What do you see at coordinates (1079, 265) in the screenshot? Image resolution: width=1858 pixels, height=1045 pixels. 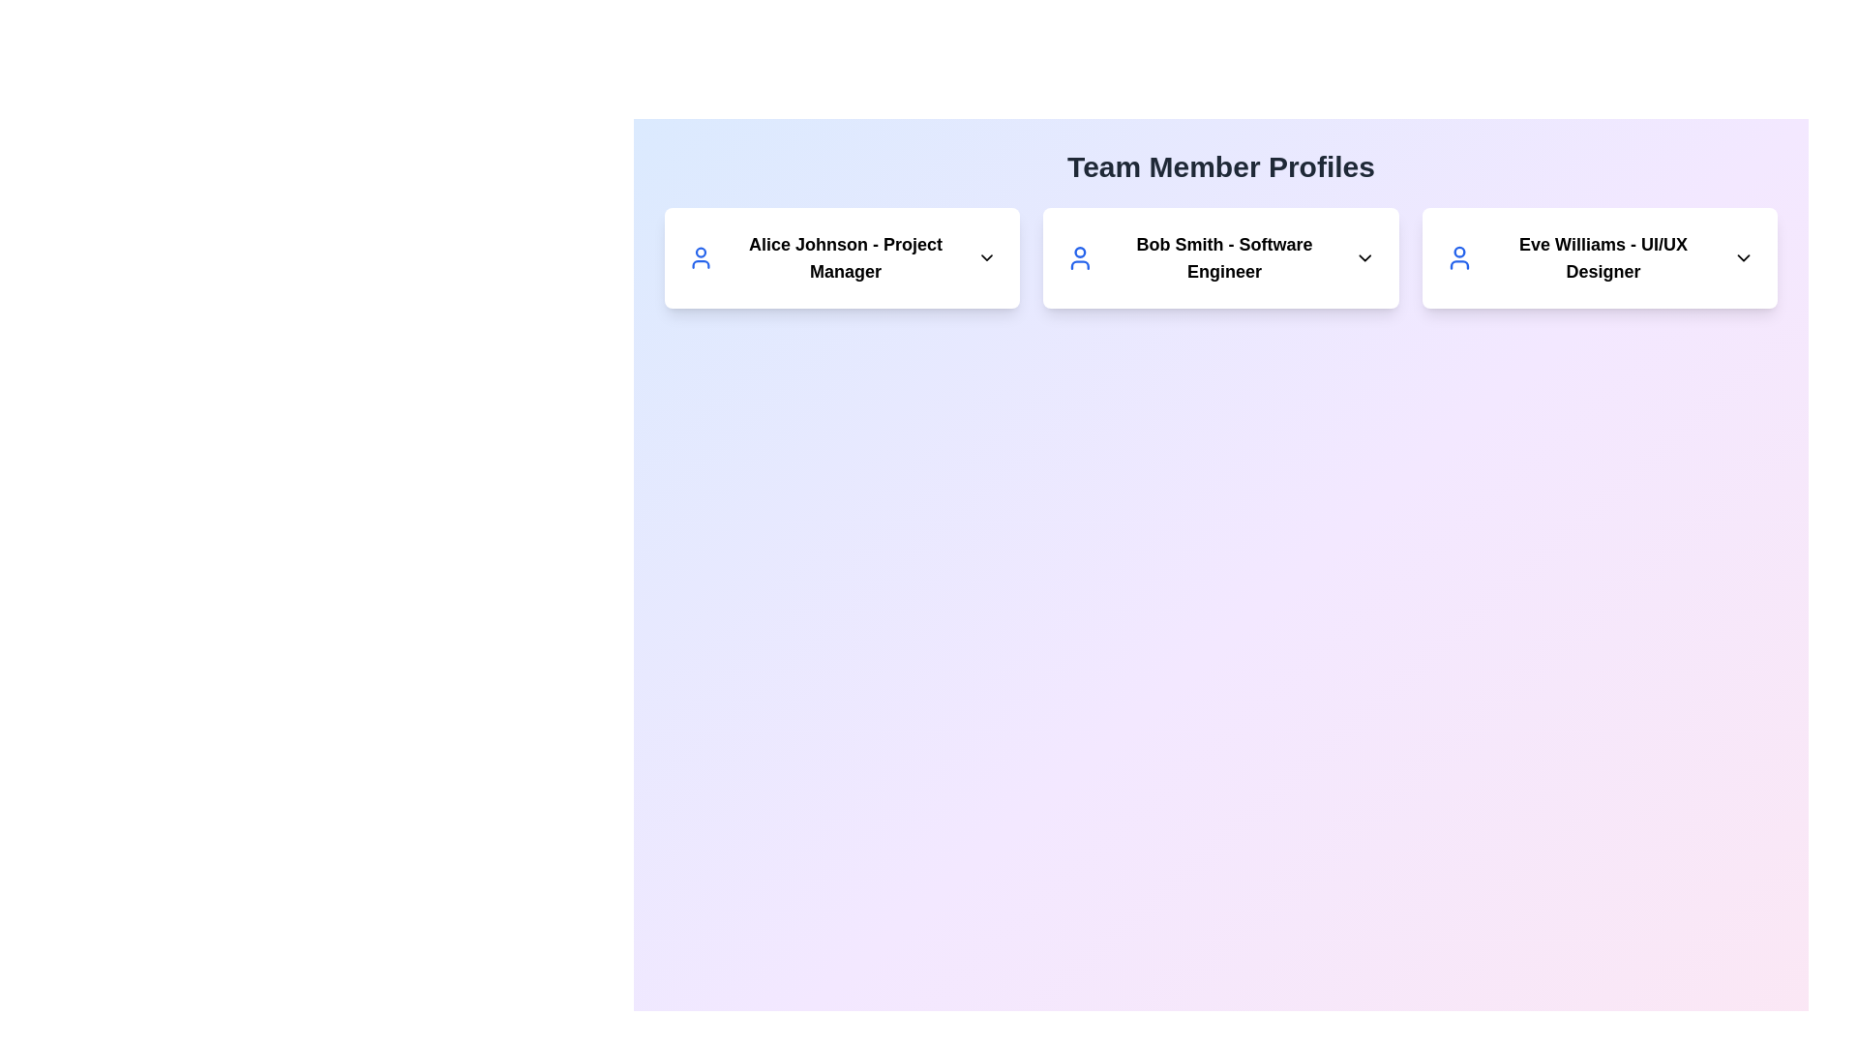 I see `SVG properties of the blue torso and shoulders component of the user icon located in the profile card for 'Bob Smith - Software Engineer'` at bounding box center [1079, 265].